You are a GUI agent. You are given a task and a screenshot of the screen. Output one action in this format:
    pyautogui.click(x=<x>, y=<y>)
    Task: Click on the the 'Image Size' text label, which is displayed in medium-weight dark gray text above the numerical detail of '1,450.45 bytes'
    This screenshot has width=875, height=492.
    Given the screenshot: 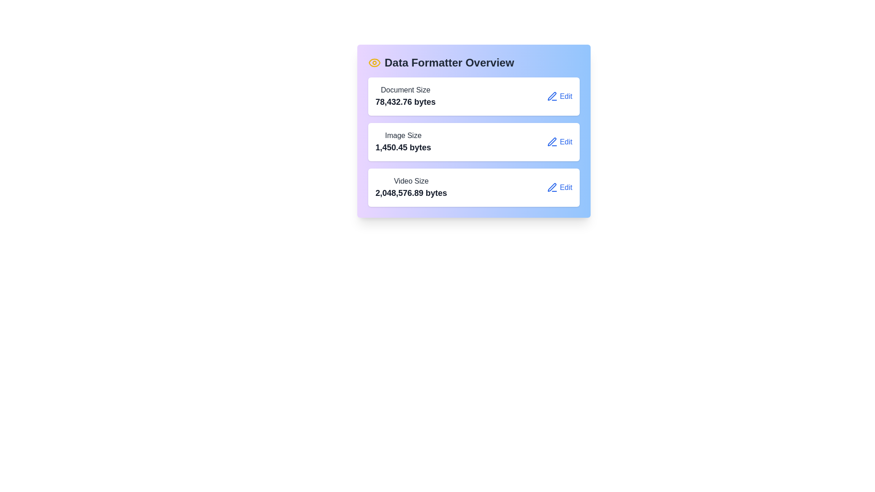 What is the action you would take?
    pyautogui.click(x=403, y=135)
    